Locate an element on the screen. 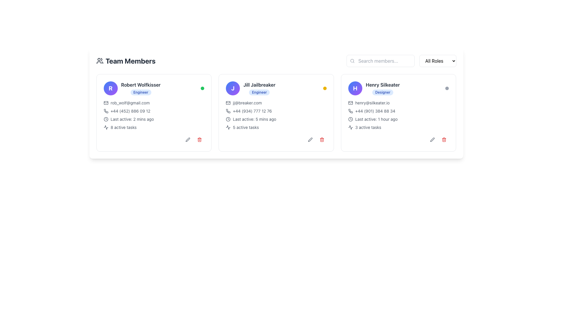  the SVG circle representing a clock icon next to the 'Last active' text in Robert Wolfkisser's profile card in the 'Team Members' section is located at coordinates (106, 119).